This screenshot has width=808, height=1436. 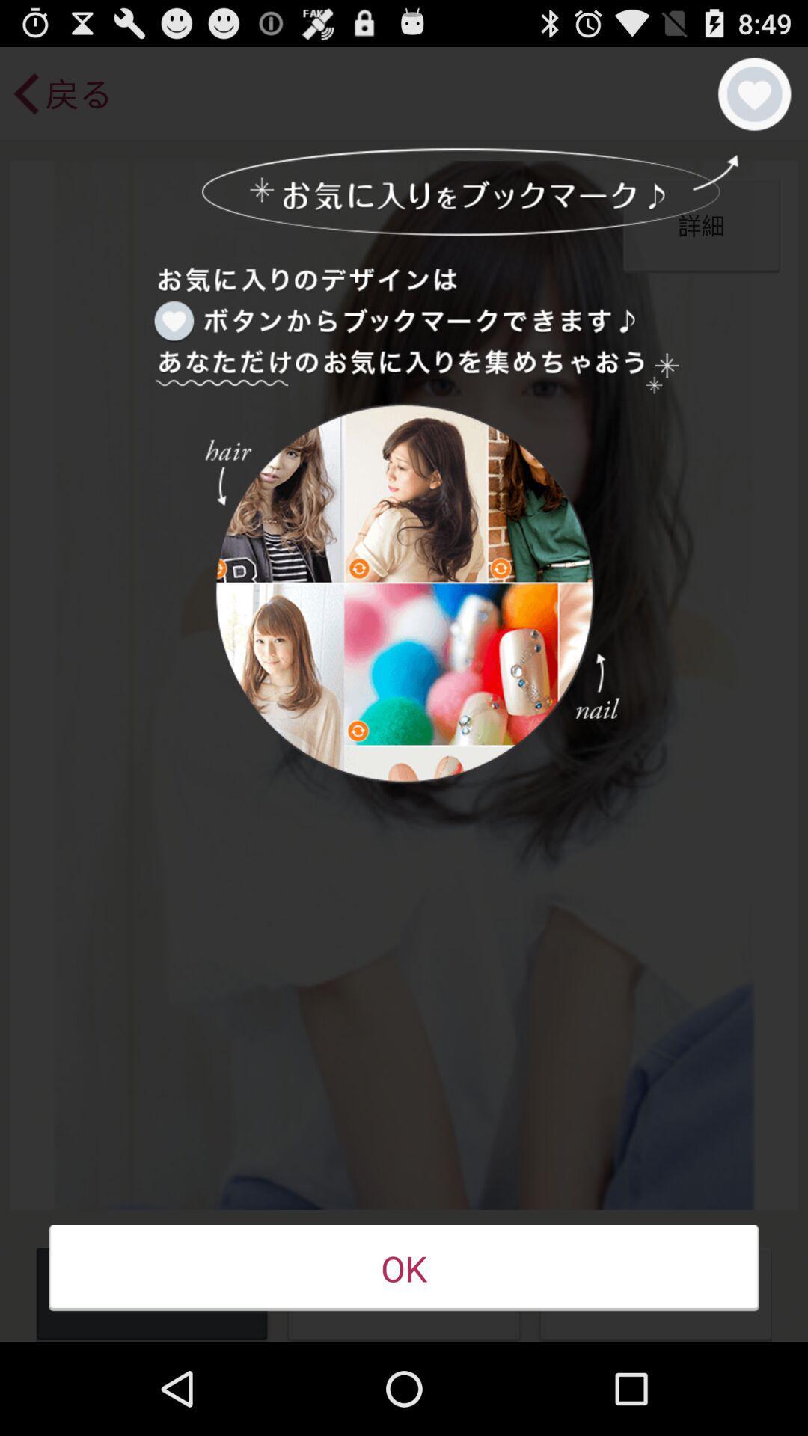 I want to click on button at the bottom, so click(x=404, y=1268).